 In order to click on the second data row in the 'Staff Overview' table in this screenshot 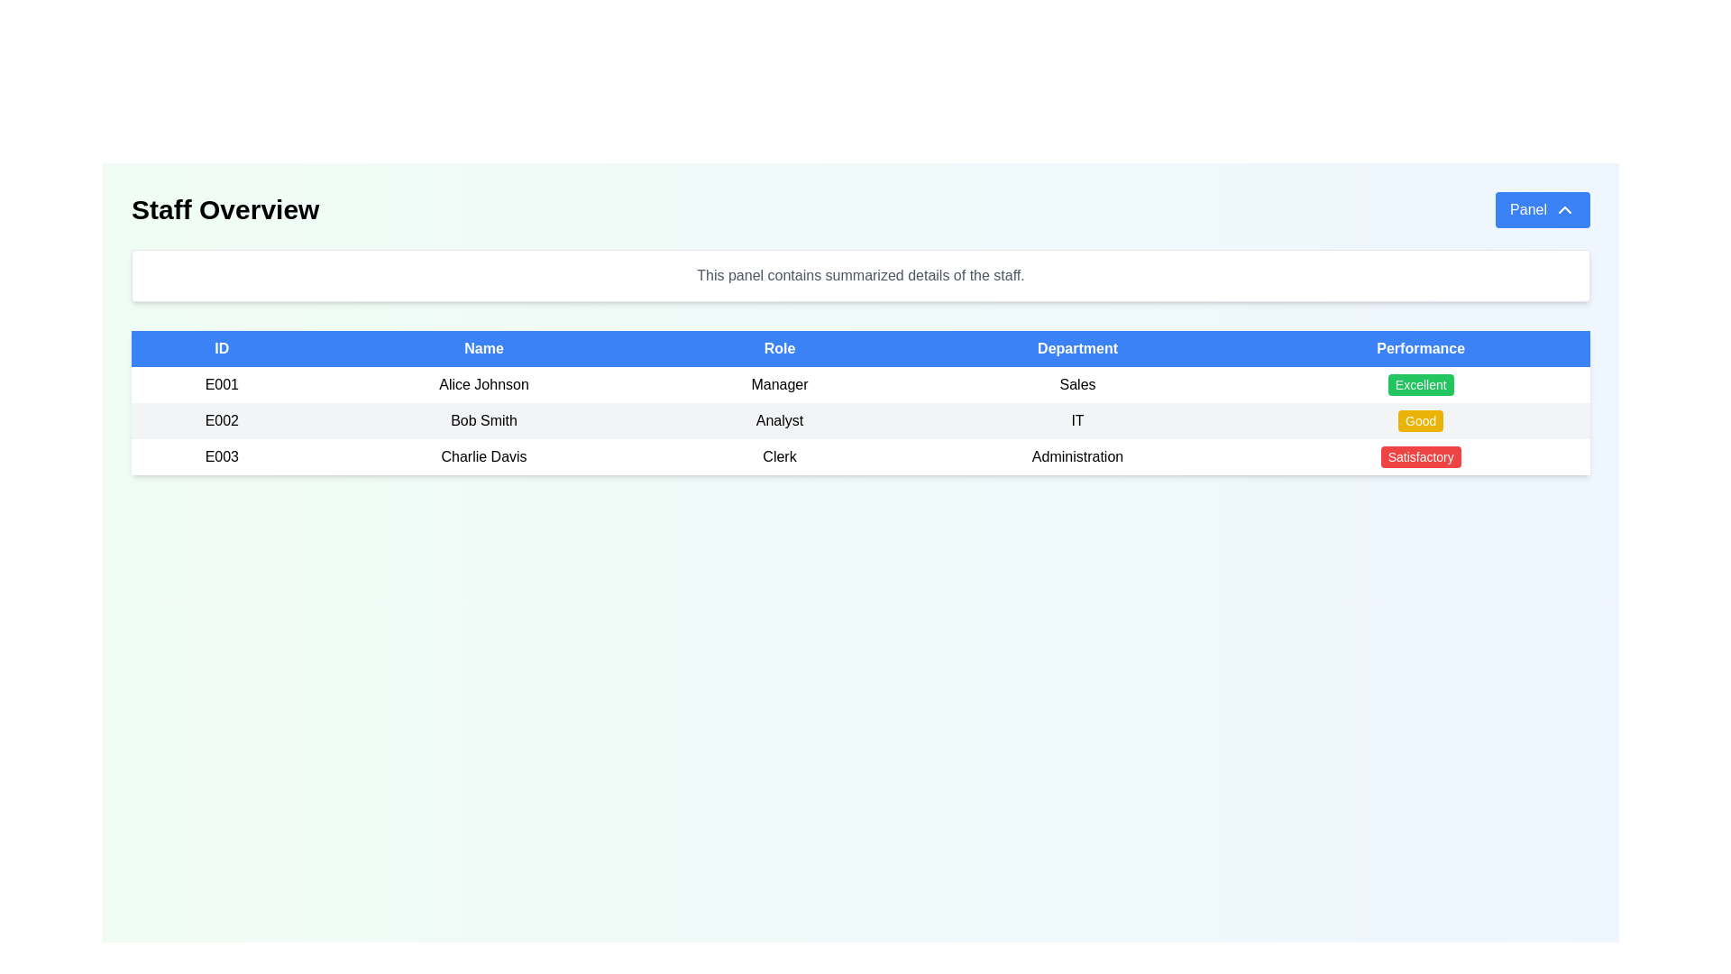, I will do `click(860, 420)`.